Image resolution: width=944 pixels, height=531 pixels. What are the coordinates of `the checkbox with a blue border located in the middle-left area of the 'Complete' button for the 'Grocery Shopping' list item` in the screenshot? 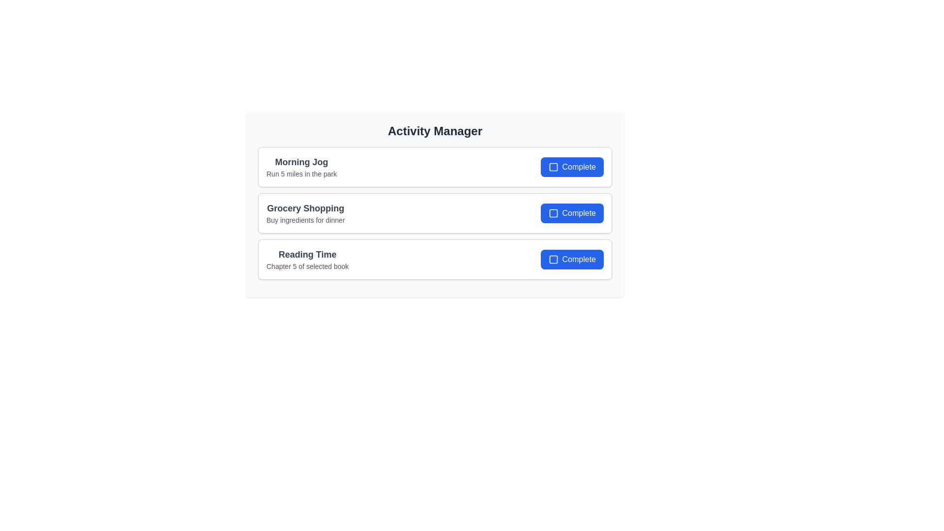 It's located at (553, 213).